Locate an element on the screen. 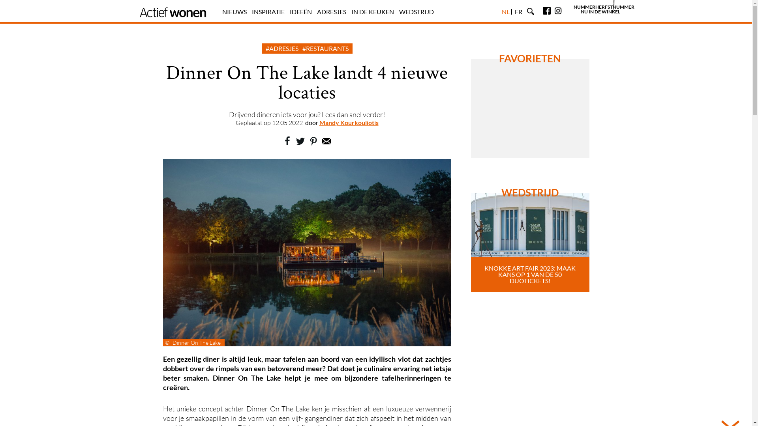 The width and height of the screenshot is (758, 426). 'ADRESJES' is located at coordinates (331, 11).